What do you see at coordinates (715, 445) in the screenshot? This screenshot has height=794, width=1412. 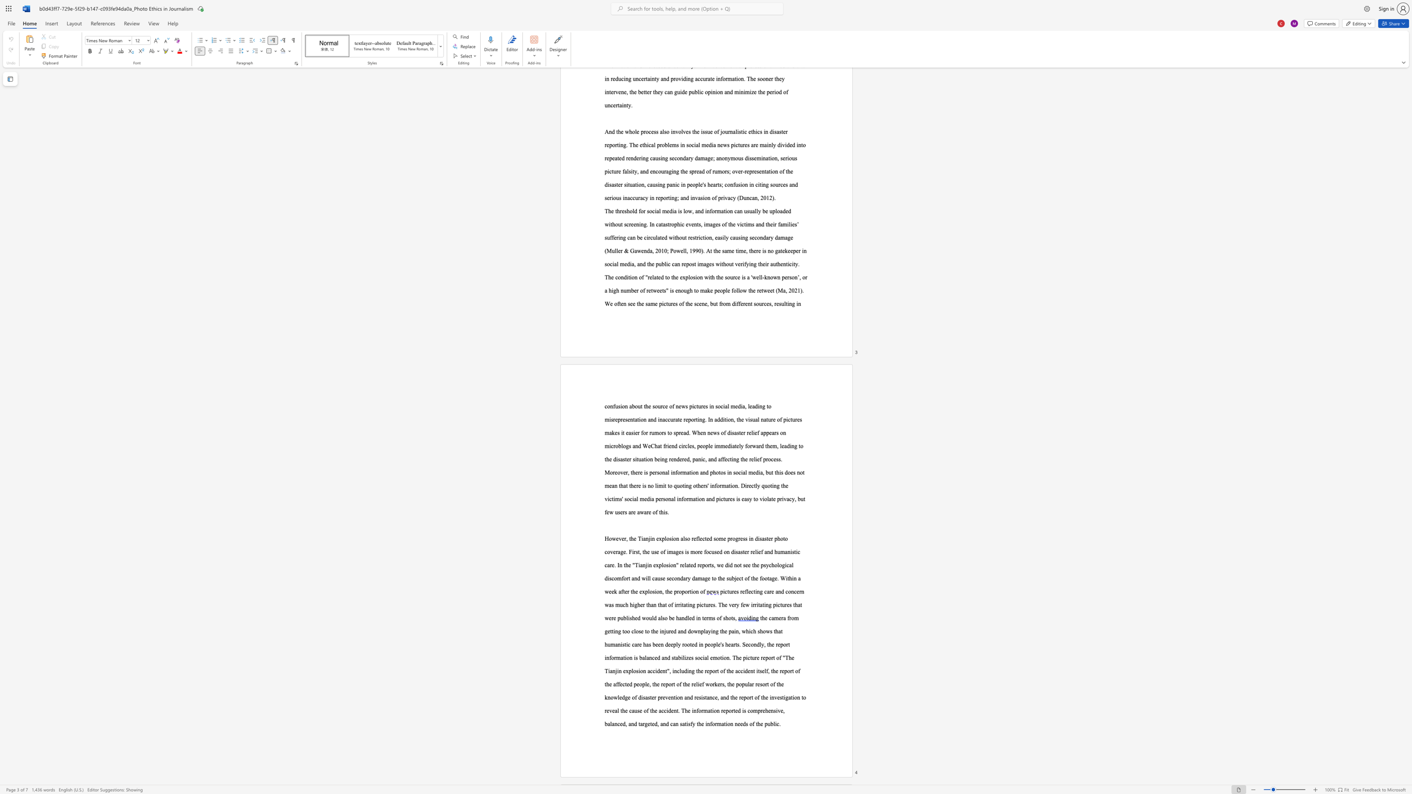 I see `the 1th character "i" in the text` at bounding box center [715, 445].